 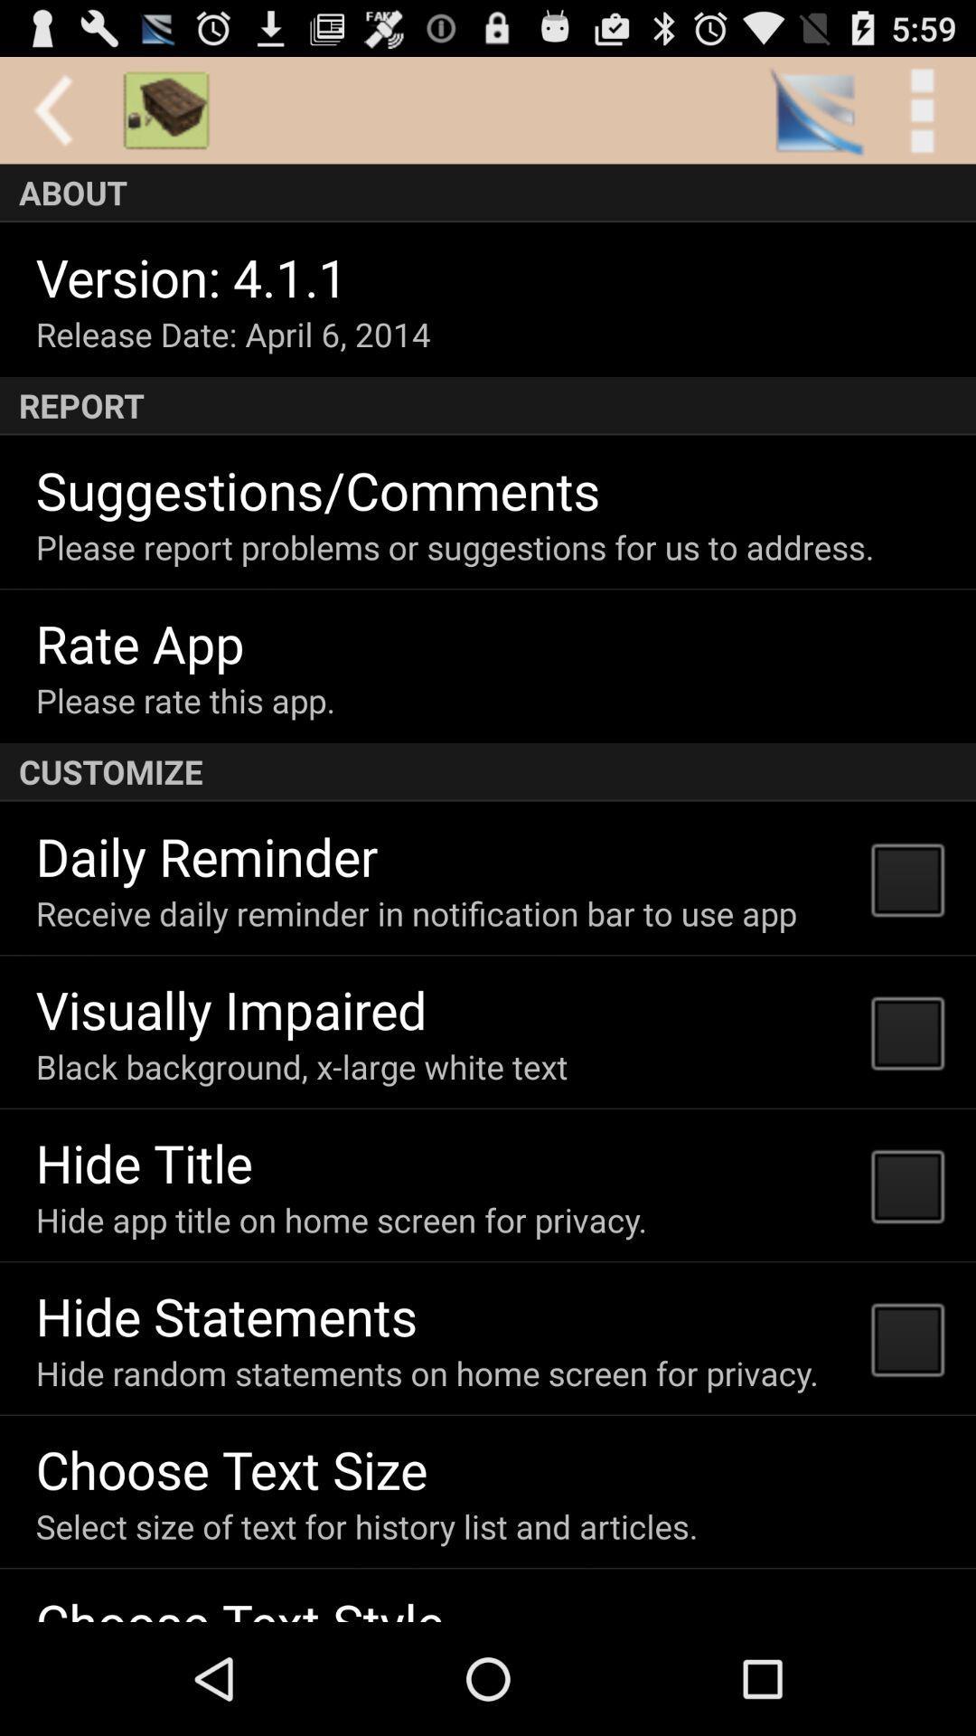 What do you see at coordinates (317, 489) in the screenshot?
I see `suggestions/comments icon` at bounding box center [317, 489].